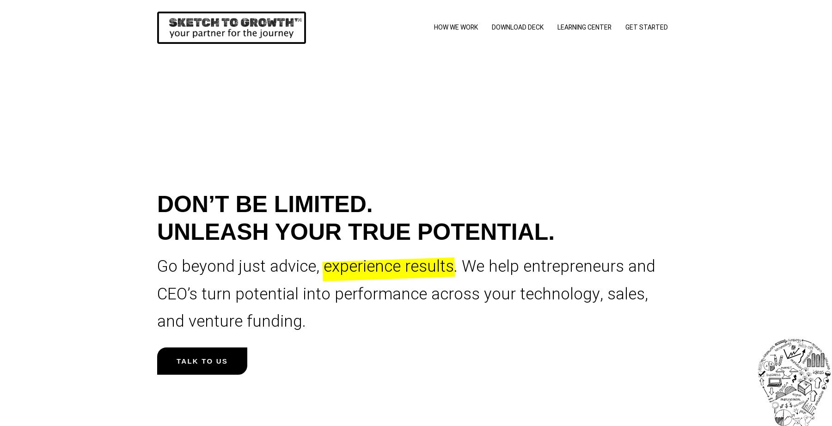 Image resolution: width=832 pixels, height=426 pixels. Describe the element at coordinates (646, 27) in the screenshot. I see `'Get Started'` at that location.